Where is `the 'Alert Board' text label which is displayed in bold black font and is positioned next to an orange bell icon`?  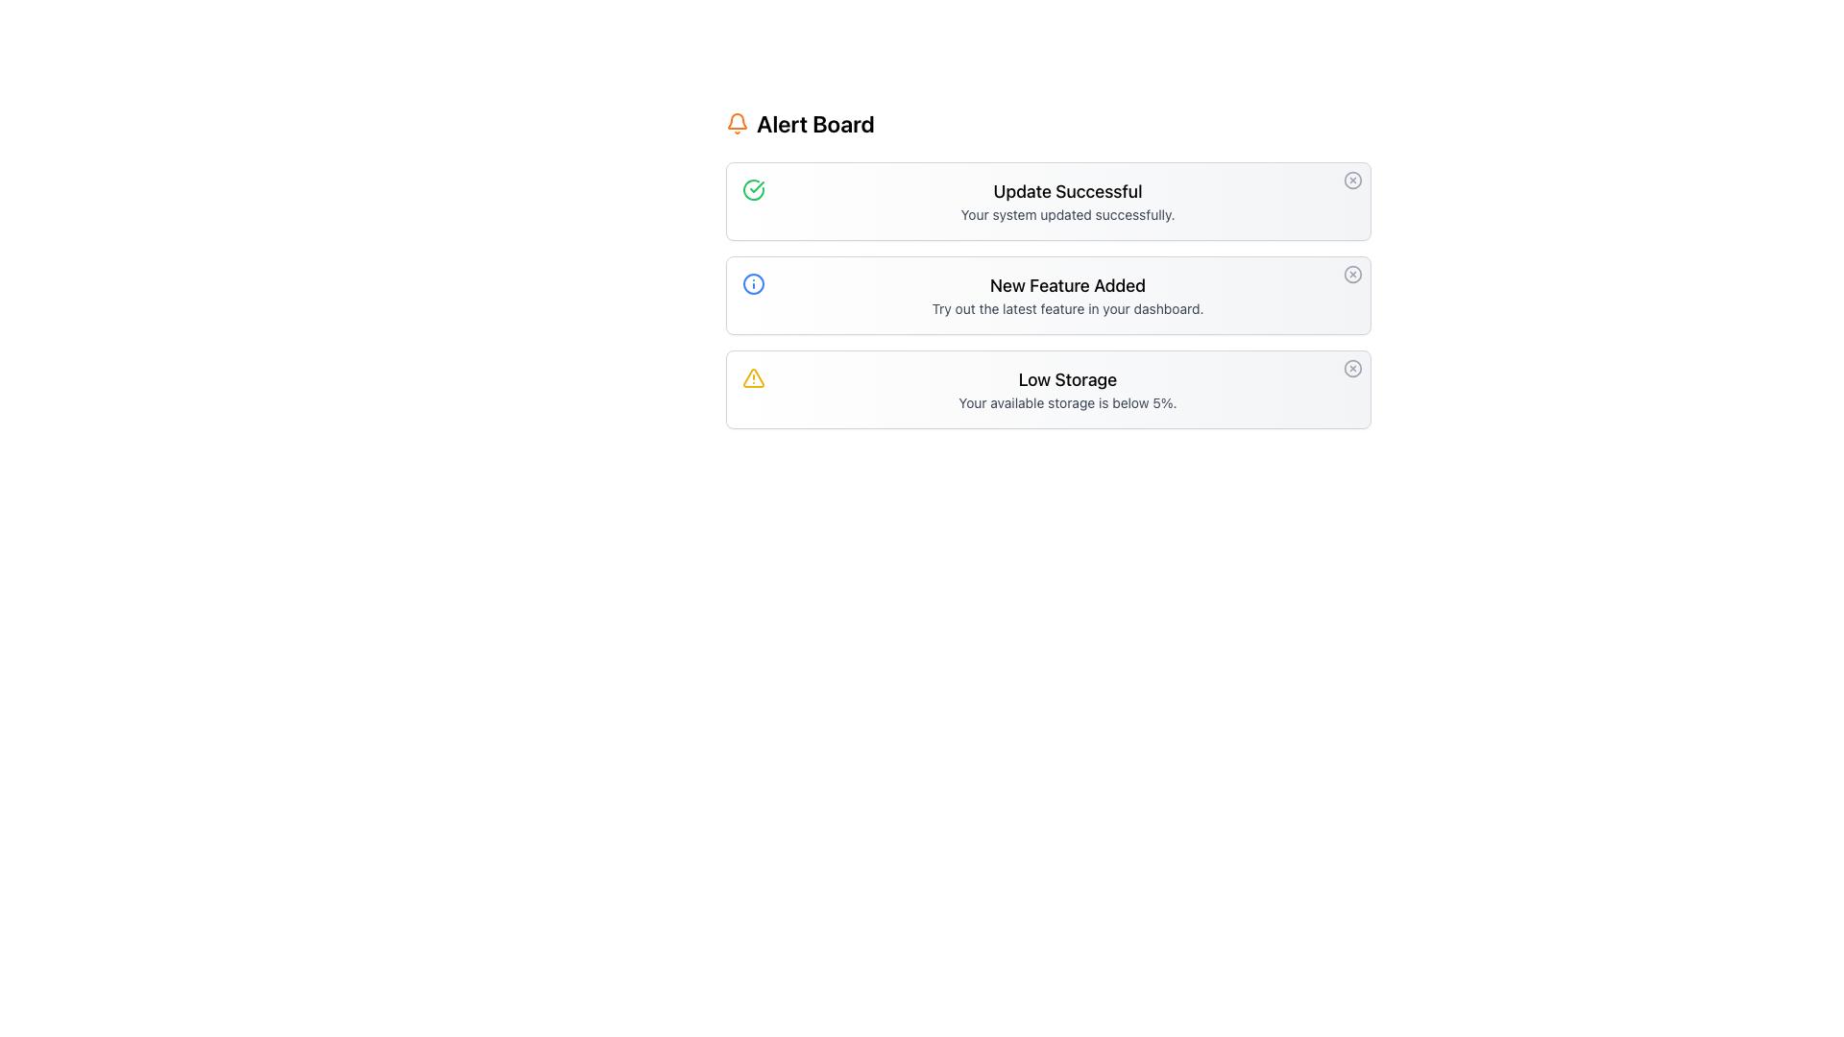
the 'Alert Board' text label which is displayed in bold black font and is positioned next to an orange bell icon is located at coordinates (815, 123).